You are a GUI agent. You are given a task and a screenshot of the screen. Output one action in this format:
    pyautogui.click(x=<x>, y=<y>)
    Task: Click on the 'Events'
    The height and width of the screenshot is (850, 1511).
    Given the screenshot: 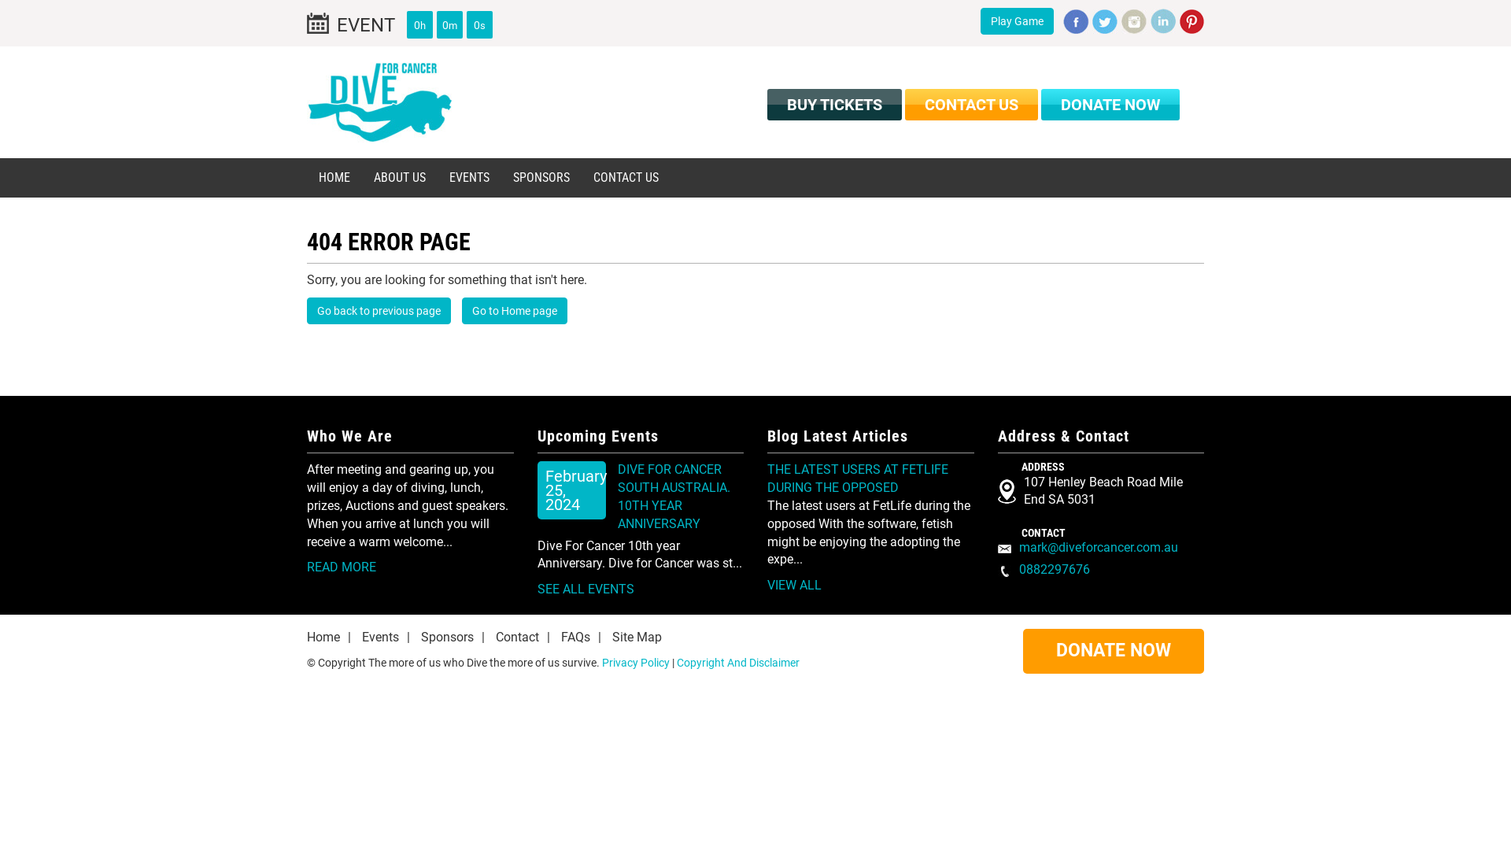 What is the action you would take?
    pyautogui.click(x=380, y=637)
    